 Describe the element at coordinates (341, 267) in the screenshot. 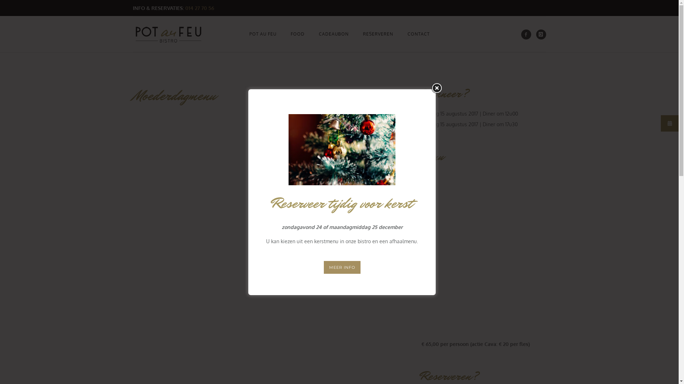

I see `'MEER INFO'` at that location.